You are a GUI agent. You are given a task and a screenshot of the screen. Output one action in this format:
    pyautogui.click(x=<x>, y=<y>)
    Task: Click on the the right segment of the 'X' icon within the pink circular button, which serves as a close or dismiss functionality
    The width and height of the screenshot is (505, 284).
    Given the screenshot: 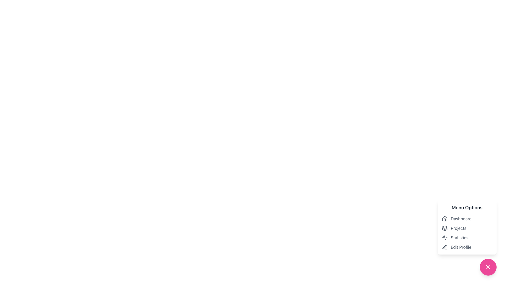 What is the action you would take?
    pyautogui.click(x=488, y=267)
    